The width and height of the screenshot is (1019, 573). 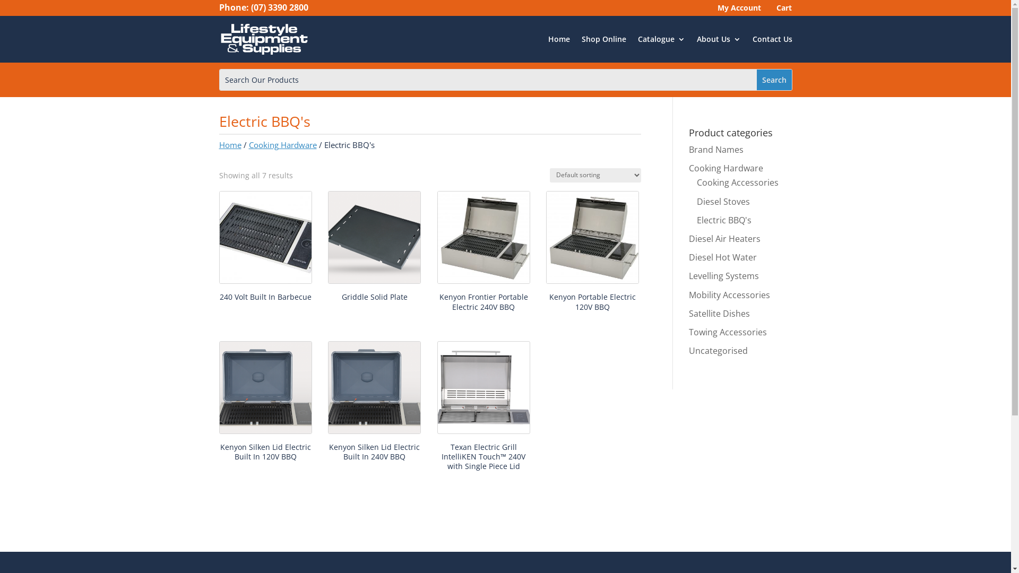 I want to click on 'Towing Accessories', so click(x=727, y=331).